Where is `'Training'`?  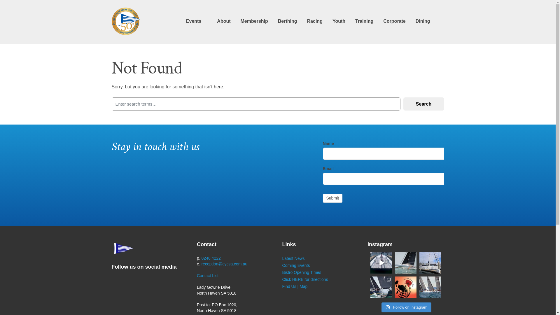 'Training' is located at coordinates (355, 21).